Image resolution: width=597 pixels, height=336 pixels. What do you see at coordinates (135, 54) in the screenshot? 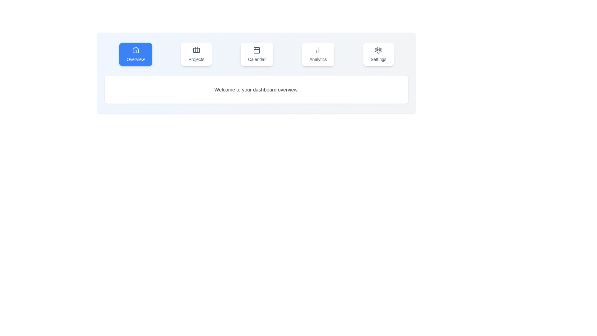
I see `the 'Overview' button, which is a blue rectangular button with a house-shaped icon and white text, located at the top-left area of the navigation row` at bounding box center [135, 54].